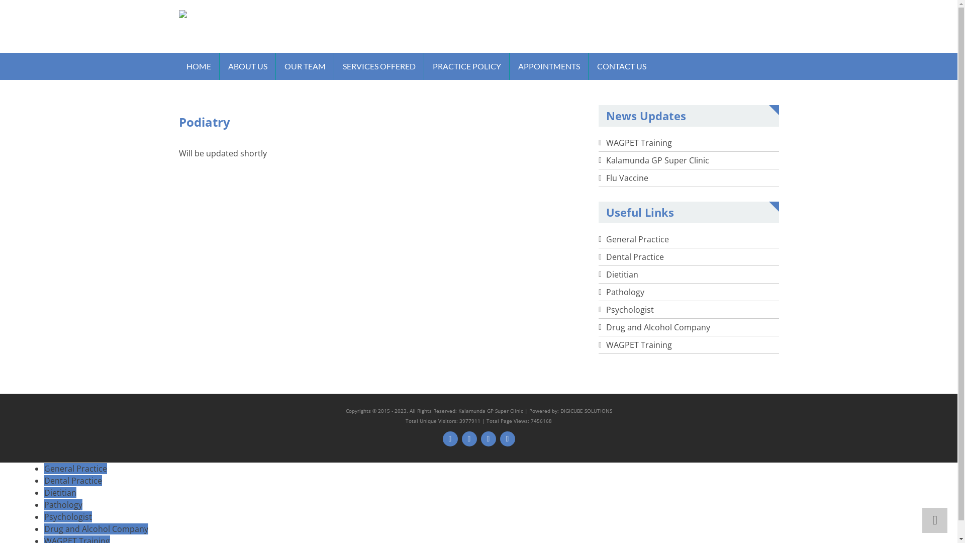 This screenshot has width=965, height=543. I want to click on 'DIGICUBE SOLUTIONS', so click(586, 411).